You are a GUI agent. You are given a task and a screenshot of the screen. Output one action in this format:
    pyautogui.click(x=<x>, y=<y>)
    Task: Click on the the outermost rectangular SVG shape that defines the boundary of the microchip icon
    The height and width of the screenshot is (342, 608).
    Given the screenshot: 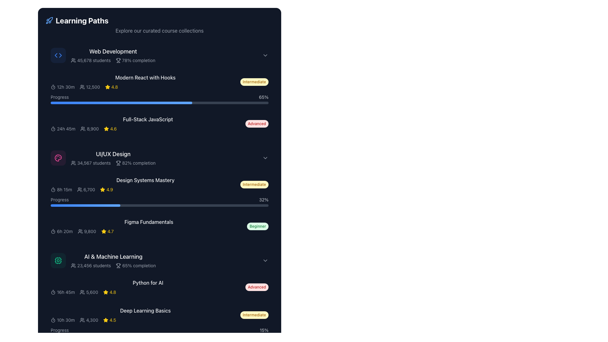 What is the action you would take?
    pyautogui.click(x=58, y=260)
    